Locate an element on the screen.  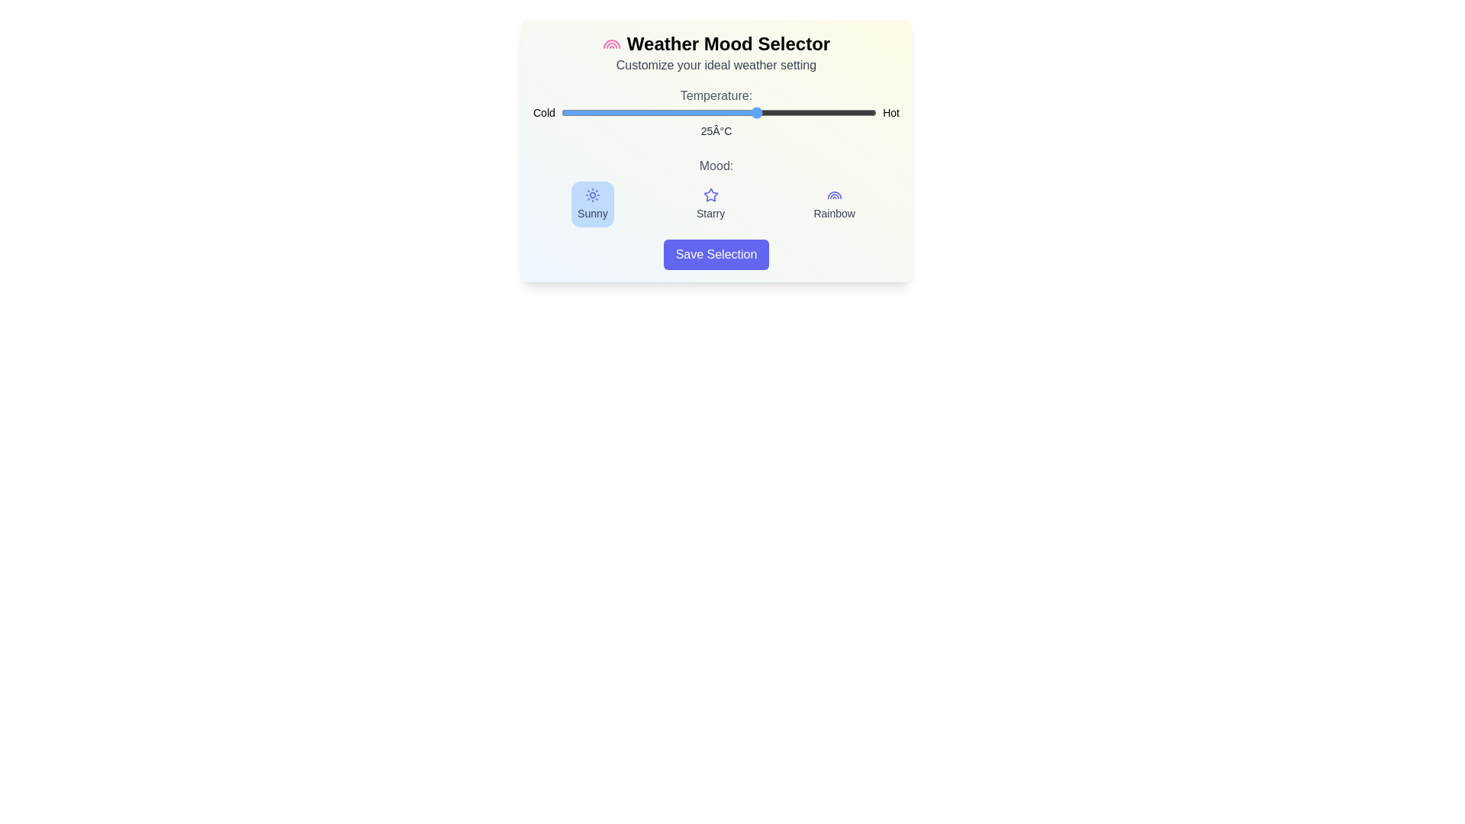
the mood by clicking on the respective button for Sunny is located at coordinates (592, 203).